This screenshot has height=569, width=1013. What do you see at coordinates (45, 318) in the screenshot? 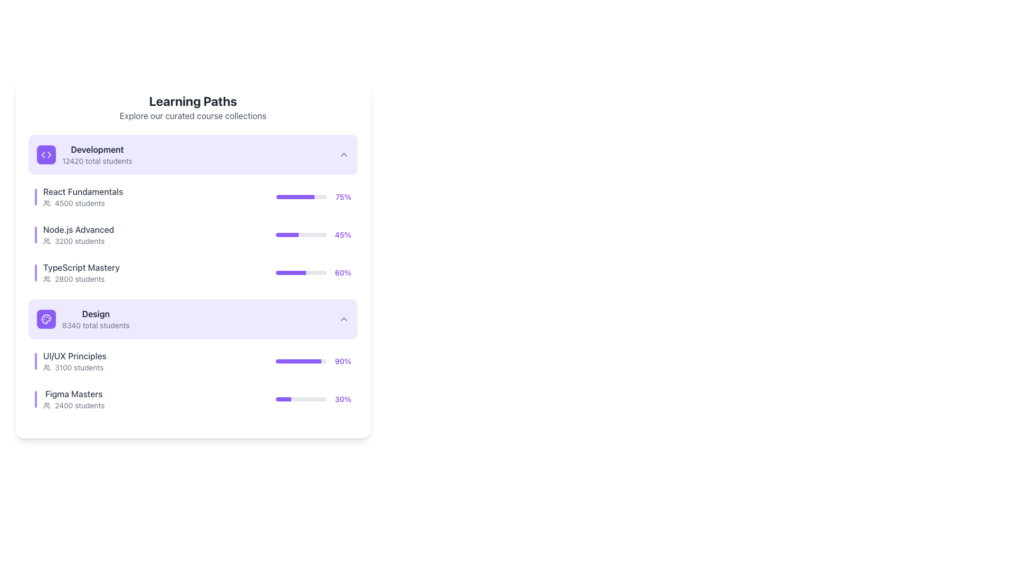
I see `the Icon Button with a violet background and a white palette icon, located in the 'Design' section, to the left of the text 'Design 8340 total students'` at bounding box center [45, 318].